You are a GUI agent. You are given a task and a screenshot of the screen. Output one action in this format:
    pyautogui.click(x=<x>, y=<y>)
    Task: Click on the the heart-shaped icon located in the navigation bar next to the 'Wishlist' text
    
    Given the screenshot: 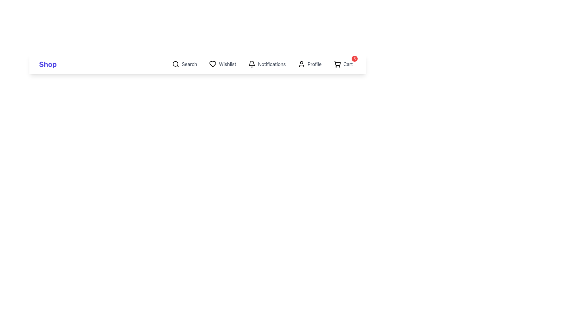 What is the action you would take?
    pyautogui.click(x=213, y=64)
    